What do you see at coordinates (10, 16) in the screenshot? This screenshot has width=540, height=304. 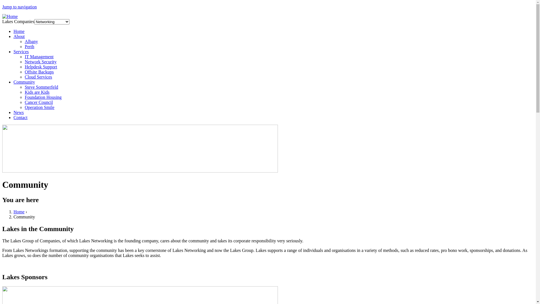 I see `'Home'` at bounding box center [10, 16].